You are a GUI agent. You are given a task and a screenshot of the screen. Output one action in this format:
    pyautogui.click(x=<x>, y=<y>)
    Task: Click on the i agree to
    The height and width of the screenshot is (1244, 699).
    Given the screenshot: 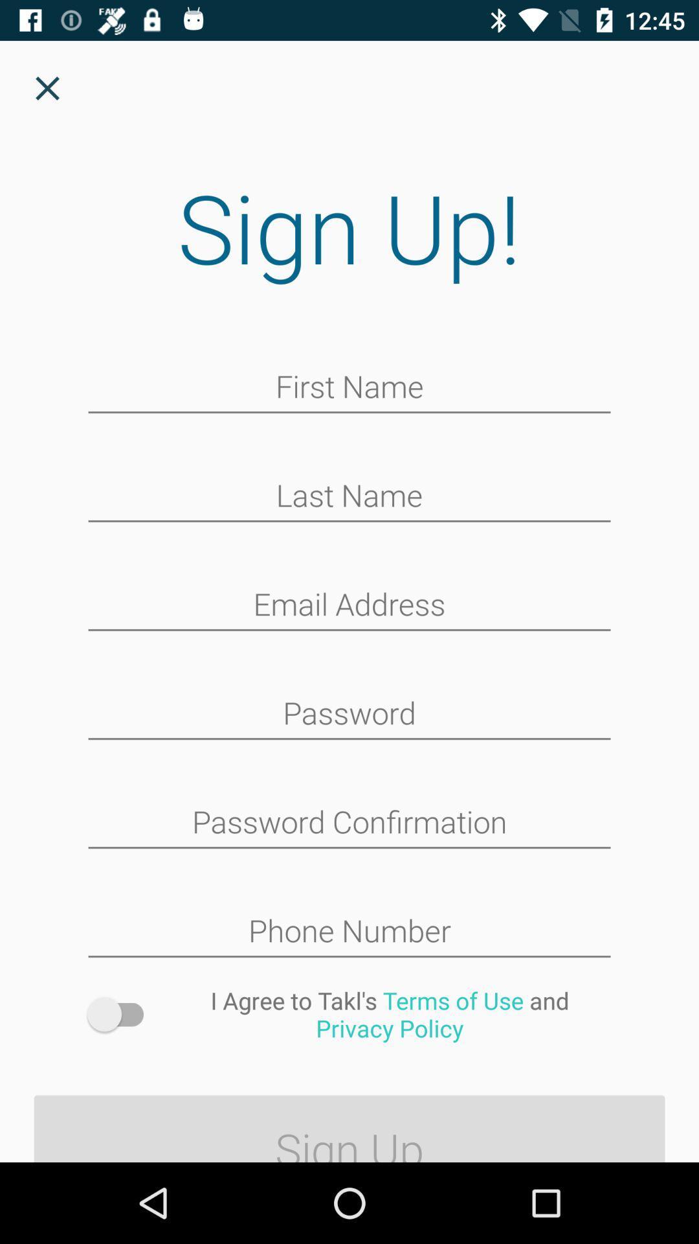 What is the action you would take?
    pyautogui.click(x=389, y=1013)
    